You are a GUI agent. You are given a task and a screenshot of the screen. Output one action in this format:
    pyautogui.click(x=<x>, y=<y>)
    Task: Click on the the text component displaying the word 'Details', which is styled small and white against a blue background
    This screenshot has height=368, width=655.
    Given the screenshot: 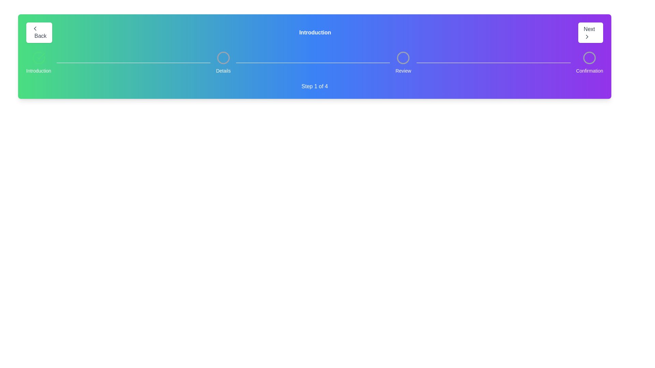 What is the action you would take?
    pyautogui.click(x=223, y=71)
    